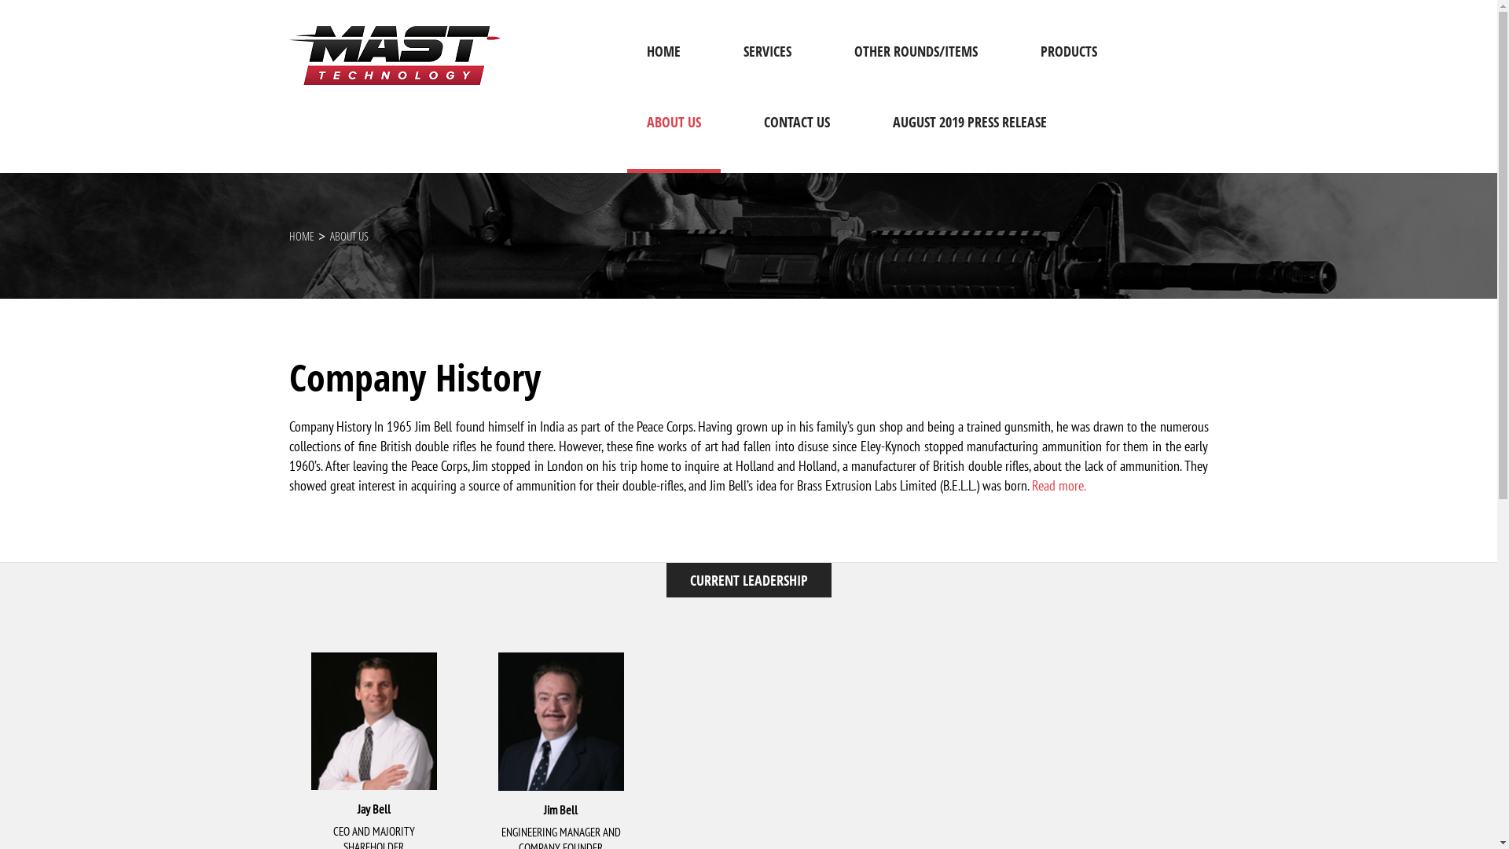 This screenshot has height=849, width=1509. Describe the element at coordinates (968, 136) in the screenshot. I see `'AUGUST 2019 PRESS RELEASE'` at that location.